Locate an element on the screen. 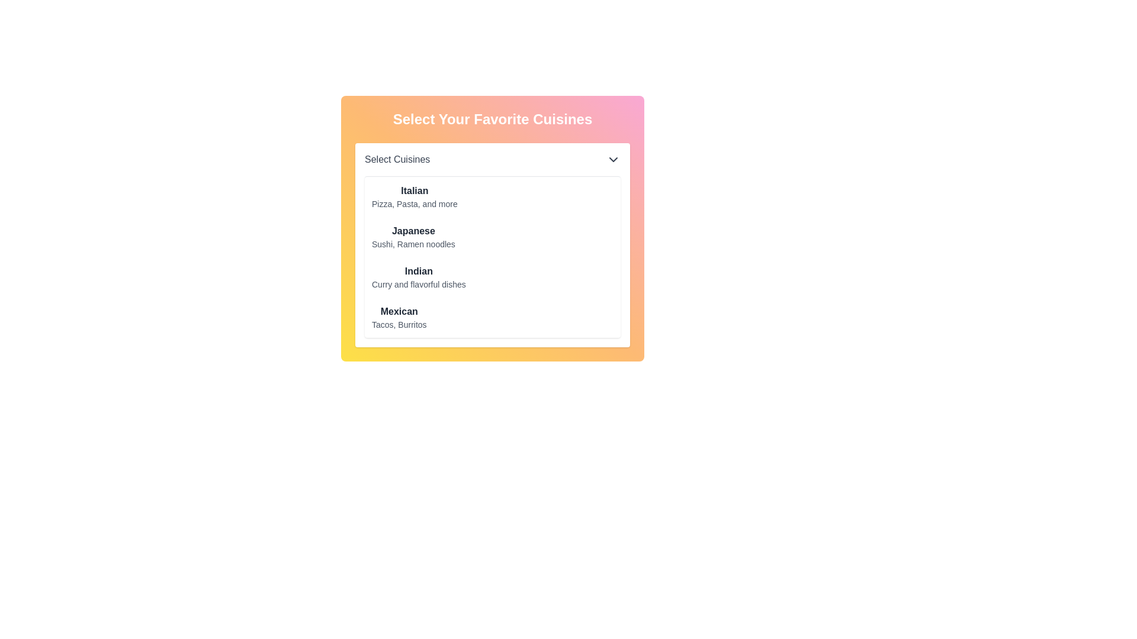 This screenshot has width=1137, height=639. the 'Select Cuisines' label, which is styled in gray and positioned at the top-right corner of the dropdown menu is located at coordinates (397, 160).